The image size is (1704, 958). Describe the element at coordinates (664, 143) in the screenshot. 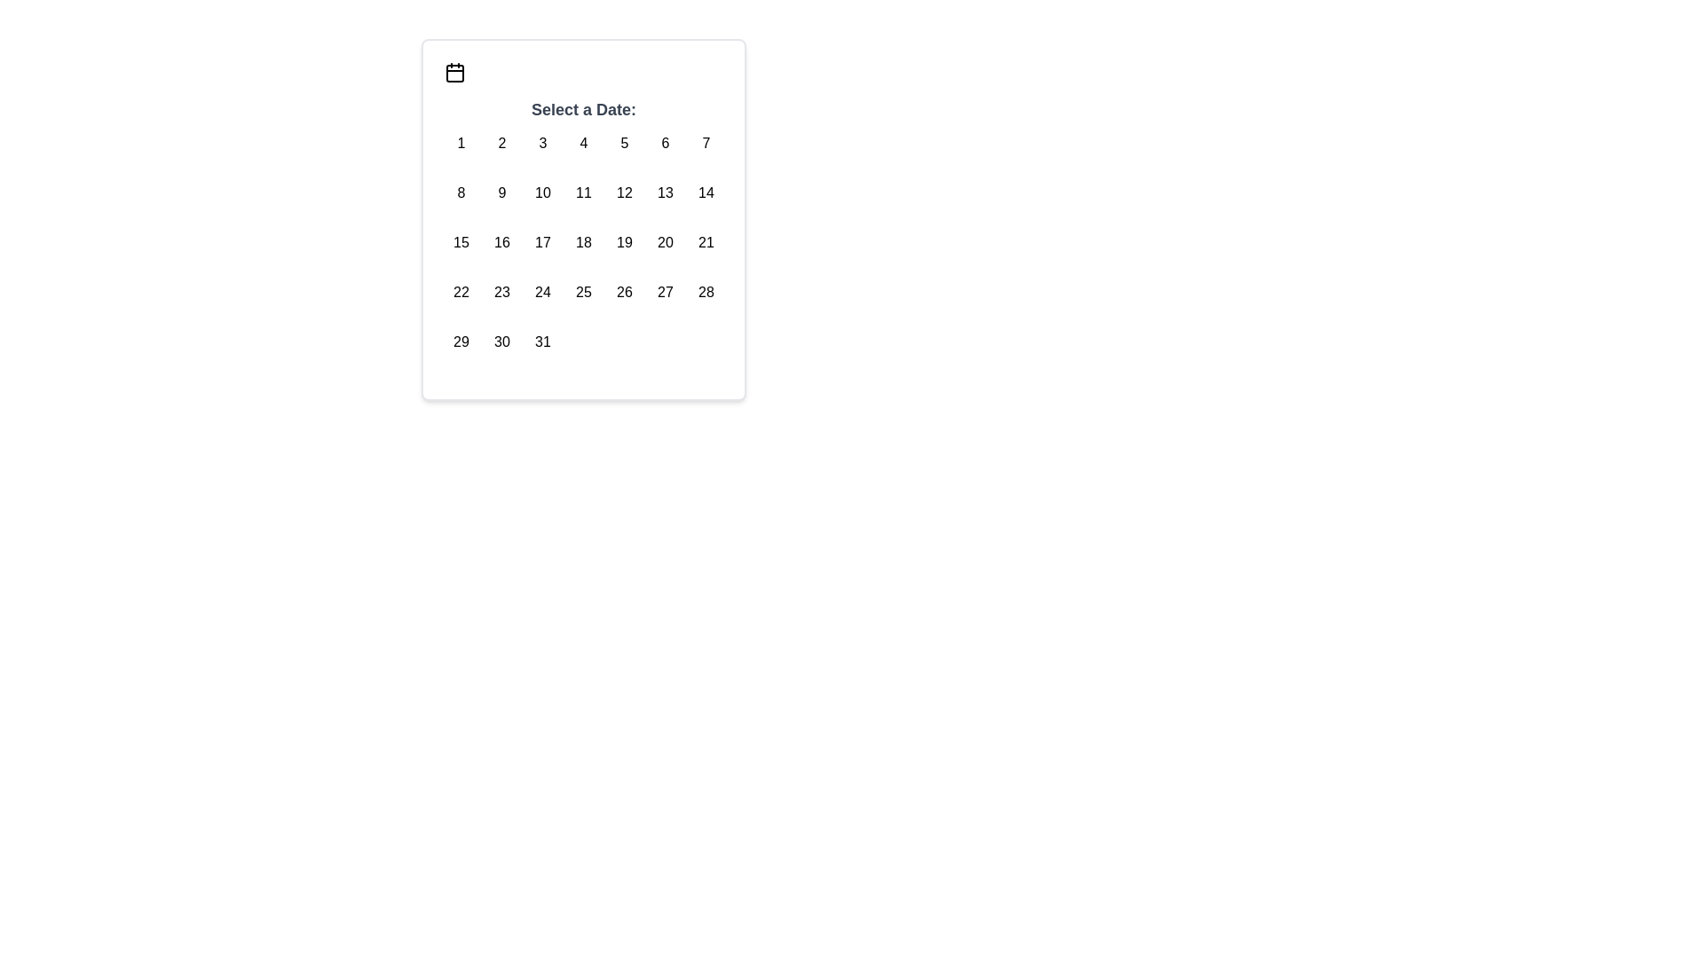

I see `the button representing the sixth day of the month in the calendar grid` at that location.